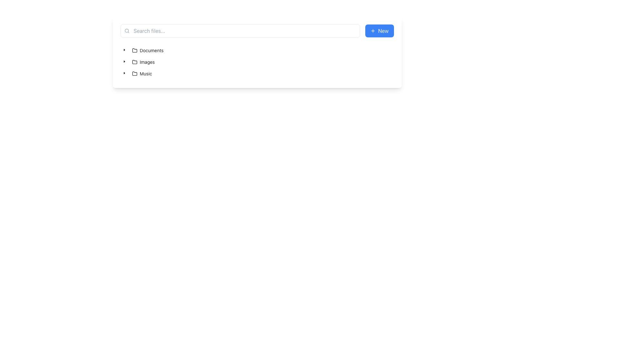  What do you see at coordinates (134, 62) in the screenshot?
I see `the 'Images' folder icon, which is located to the left of the 'Images' label in the folder list menu, positioned between the 'Documents' and 'Music' entries` at bounding box center [134, 62].